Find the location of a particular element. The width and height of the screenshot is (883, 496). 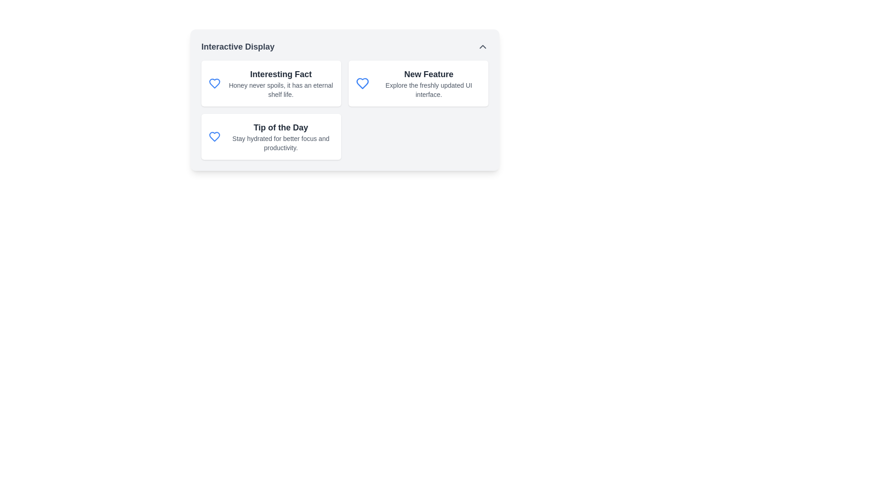

the text component that contains the message 'Explore the freshly updated UI interface.', located beneath the 'New Feature' header in the right panel of the grid is located at coordinates (428, 90).